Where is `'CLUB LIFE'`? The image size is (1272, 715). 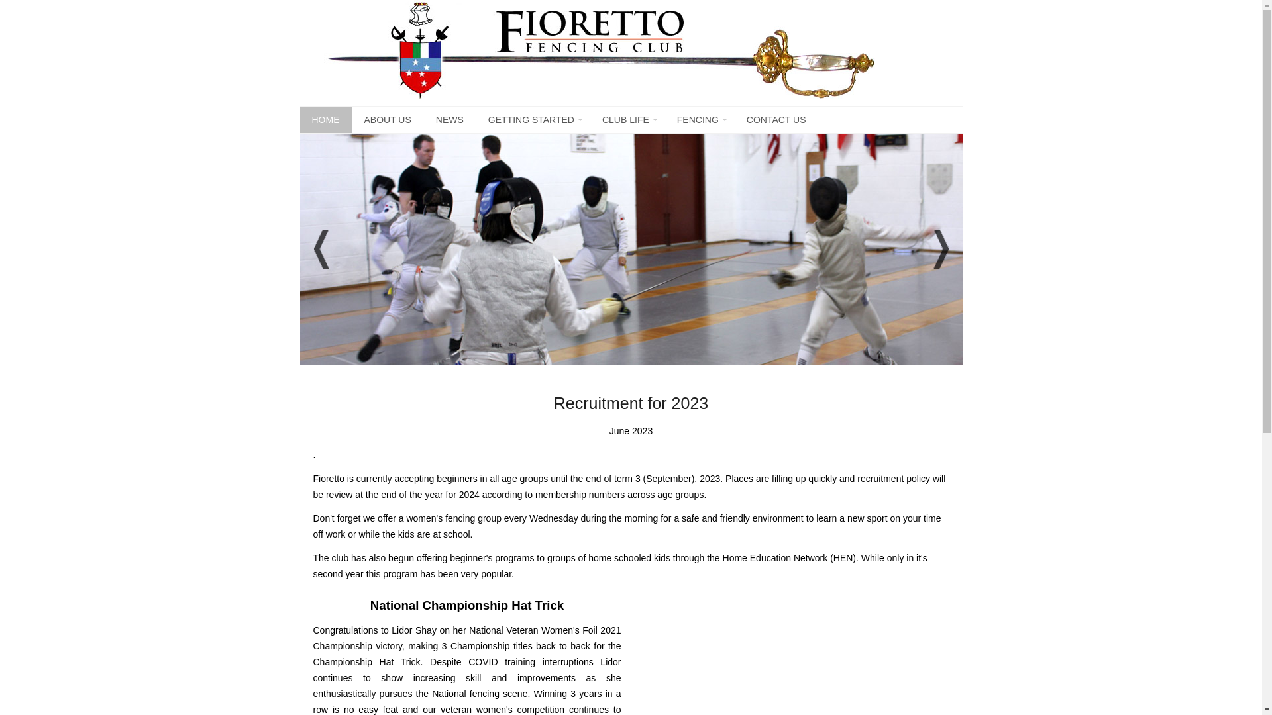
'CLUB LIFE' is located at coordinates (590, 120).